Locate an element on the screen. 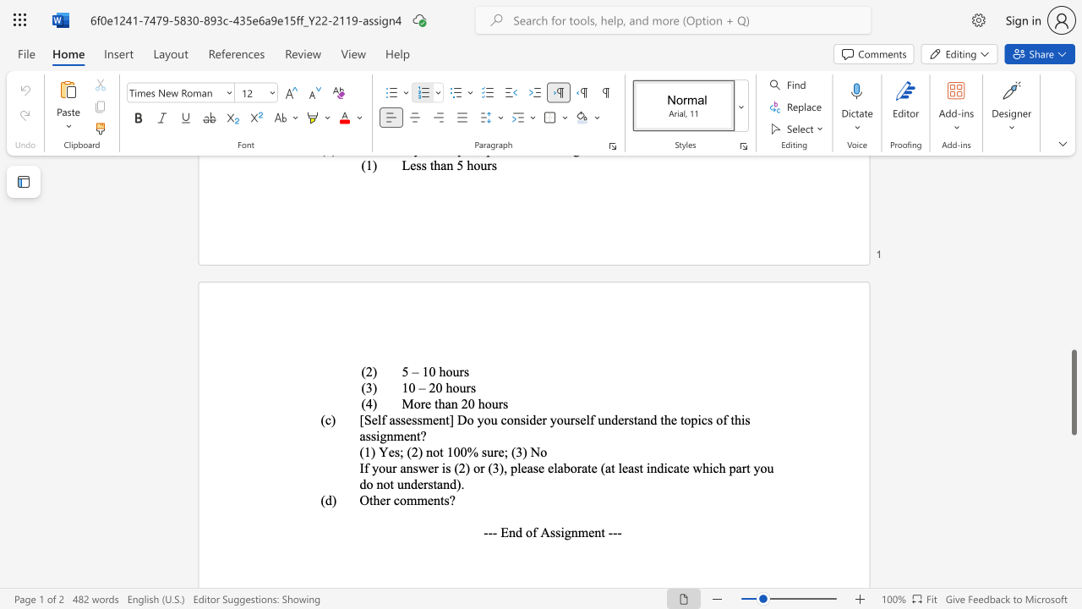 This screenshot has height=609, width=1082. the 3th character "e" in the text is located at coordinates (541, 468).